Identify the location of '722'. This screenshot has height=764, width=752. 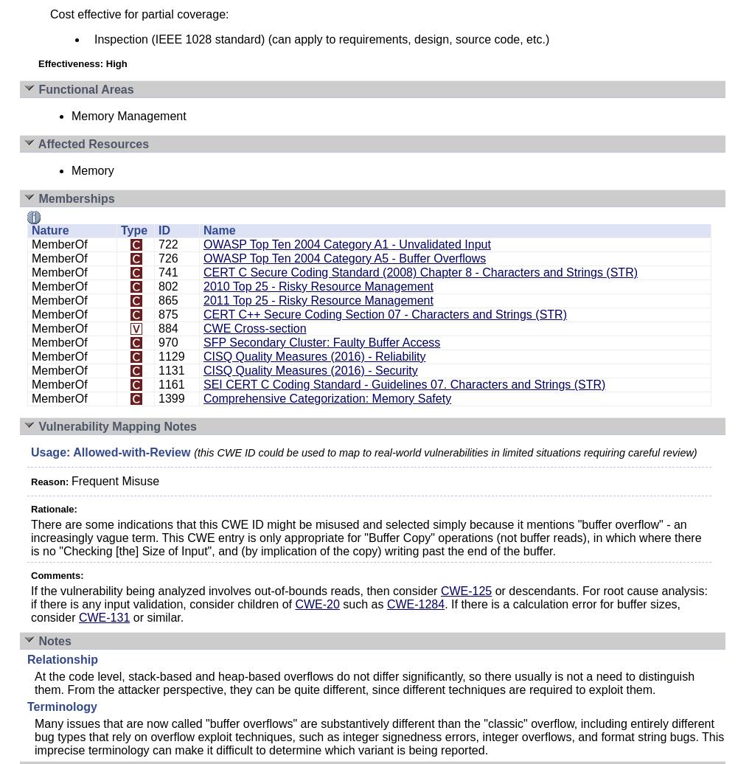
(167, 244).